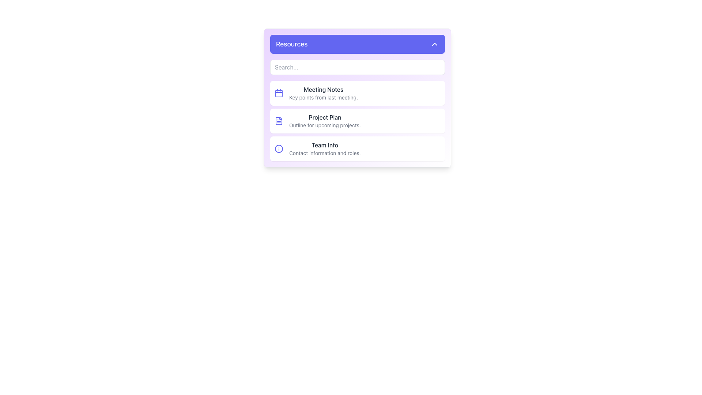 This screenshot has width=702, height=395. Describe the element at coordinates (279, 121) in the screenshot. I see `the document file icon located to the left of the 'Project Plan' text in the second entry of the list in the main panel` at that location.